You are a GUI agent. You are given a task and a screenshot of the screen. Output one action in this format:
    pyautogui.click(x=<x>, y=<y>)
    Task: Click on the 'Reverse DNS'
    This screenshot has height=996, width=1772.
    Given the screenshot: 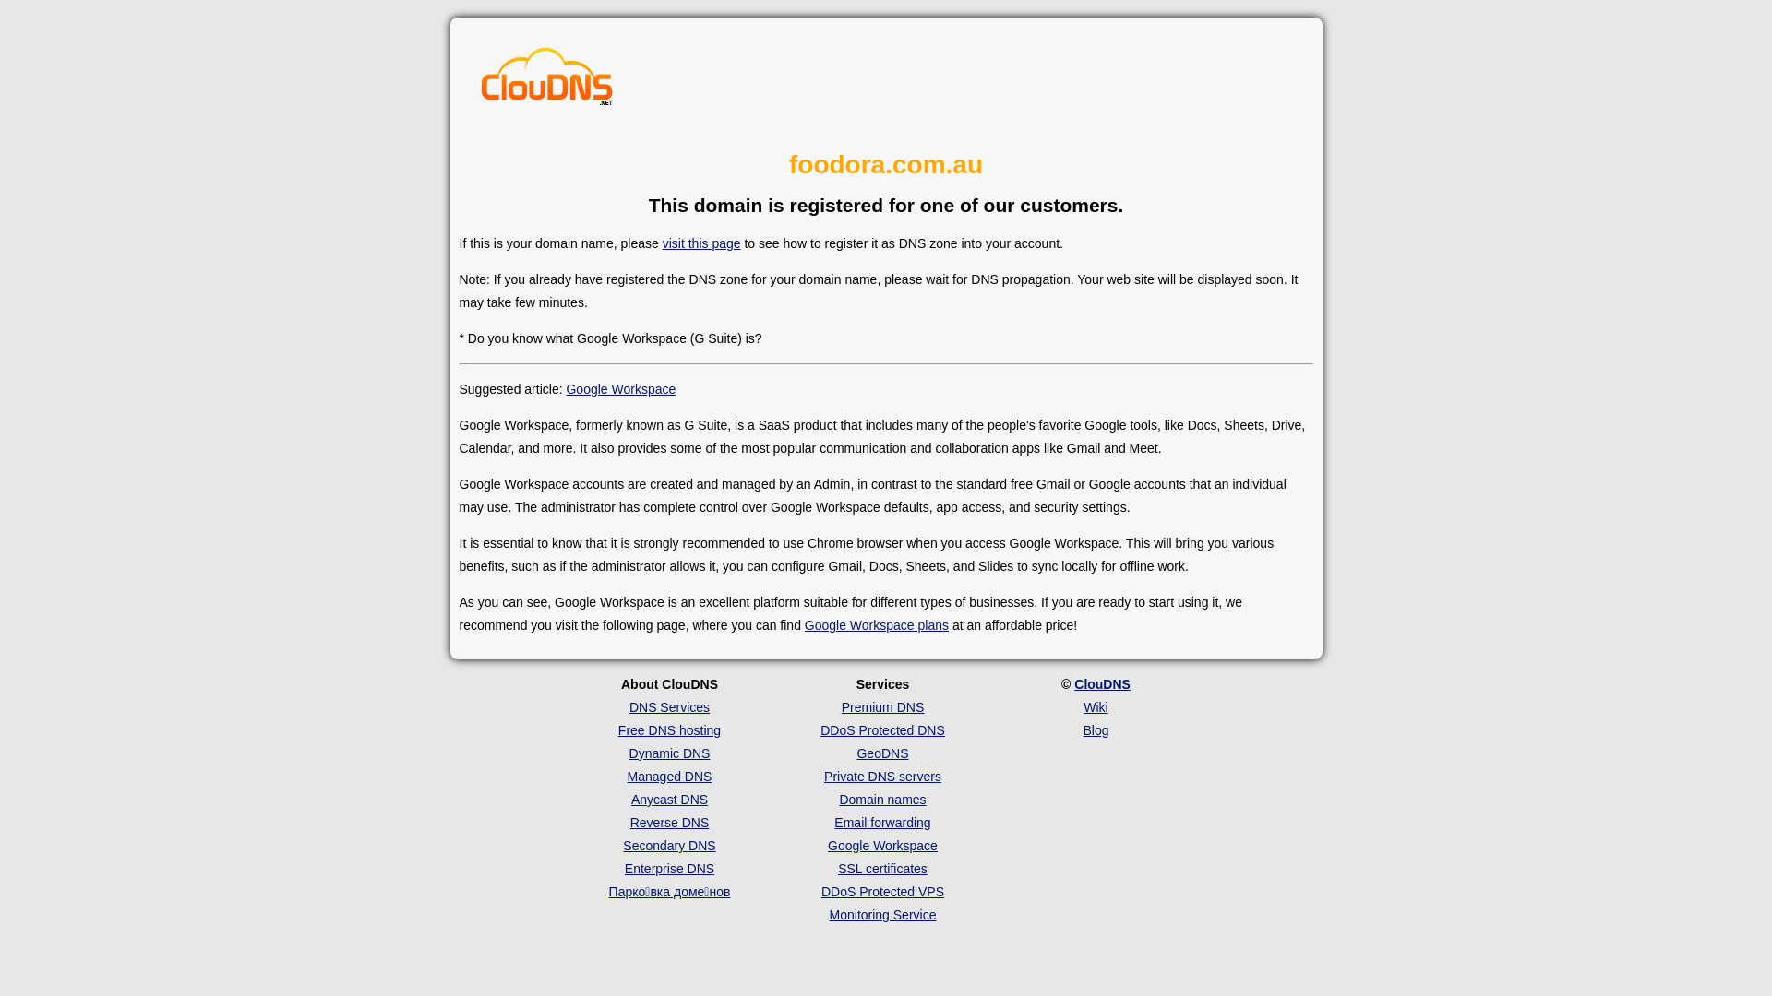 What is the action you would take?
    pyautogui.click(x=668, y=821)
    